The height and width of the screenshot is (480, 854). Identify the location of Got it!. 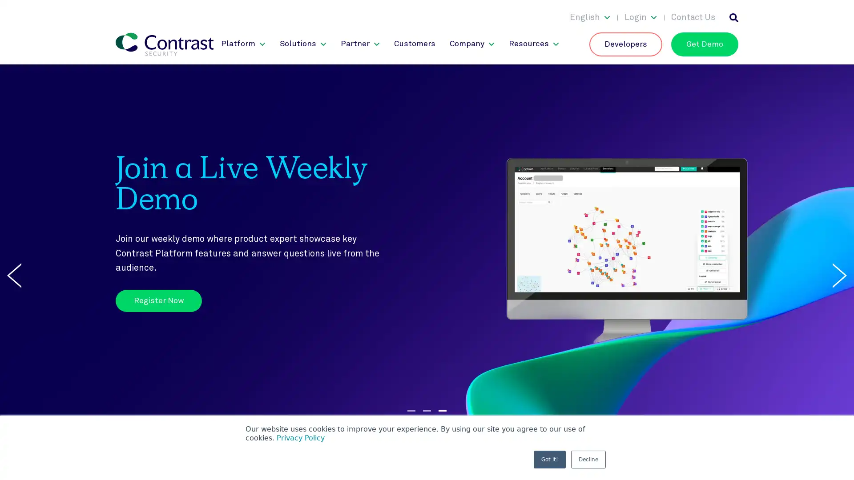
(549, 459).